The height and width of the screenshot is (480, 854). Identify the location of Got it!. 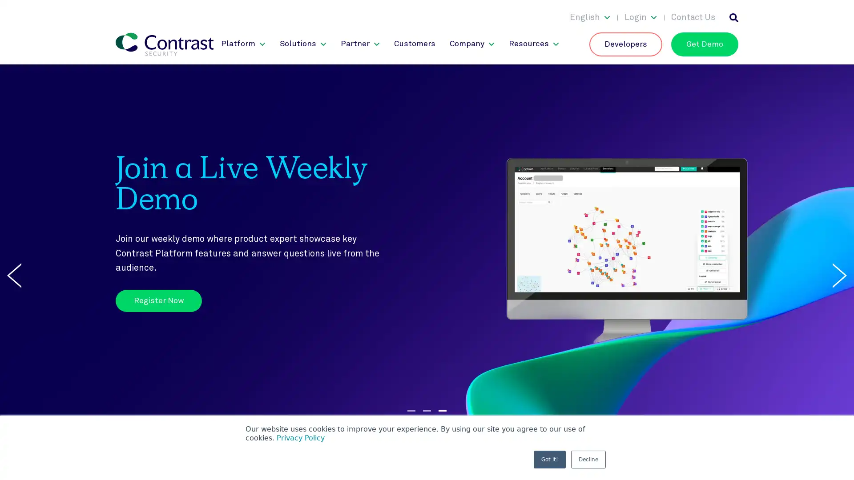
(549, 459).